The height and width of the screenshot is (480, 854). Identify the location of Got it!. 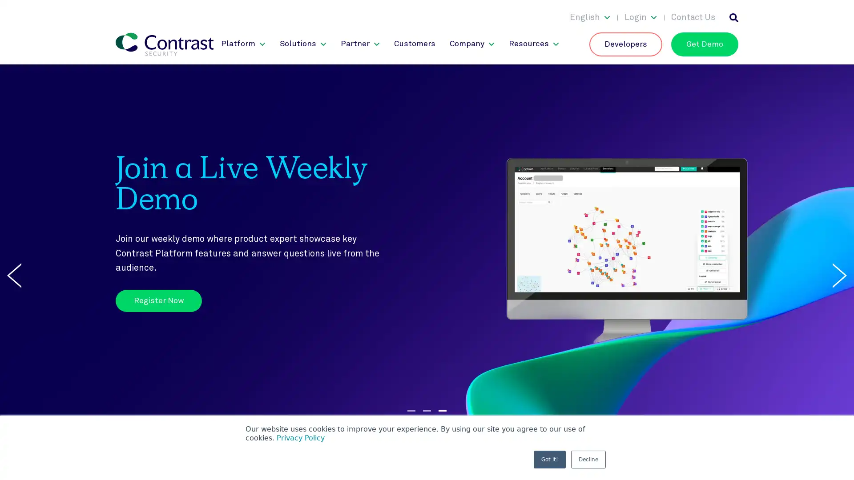
(549, 459).